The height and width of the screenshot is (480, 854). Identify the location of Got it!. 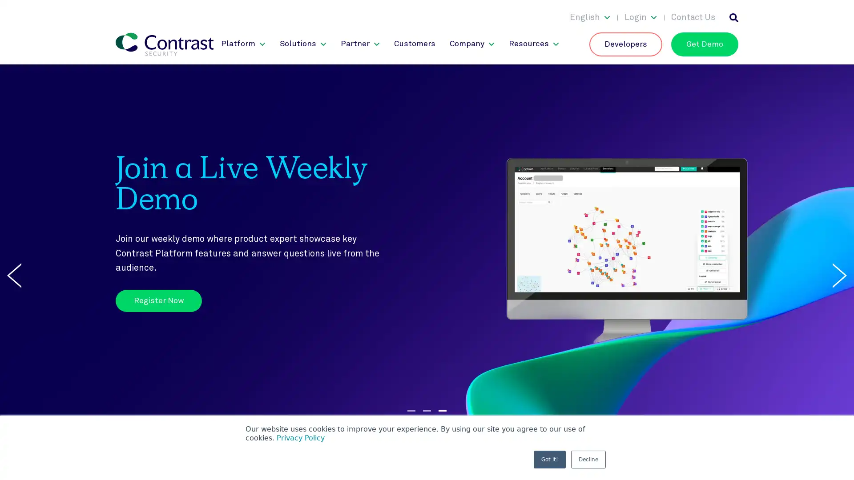
(549, 459).